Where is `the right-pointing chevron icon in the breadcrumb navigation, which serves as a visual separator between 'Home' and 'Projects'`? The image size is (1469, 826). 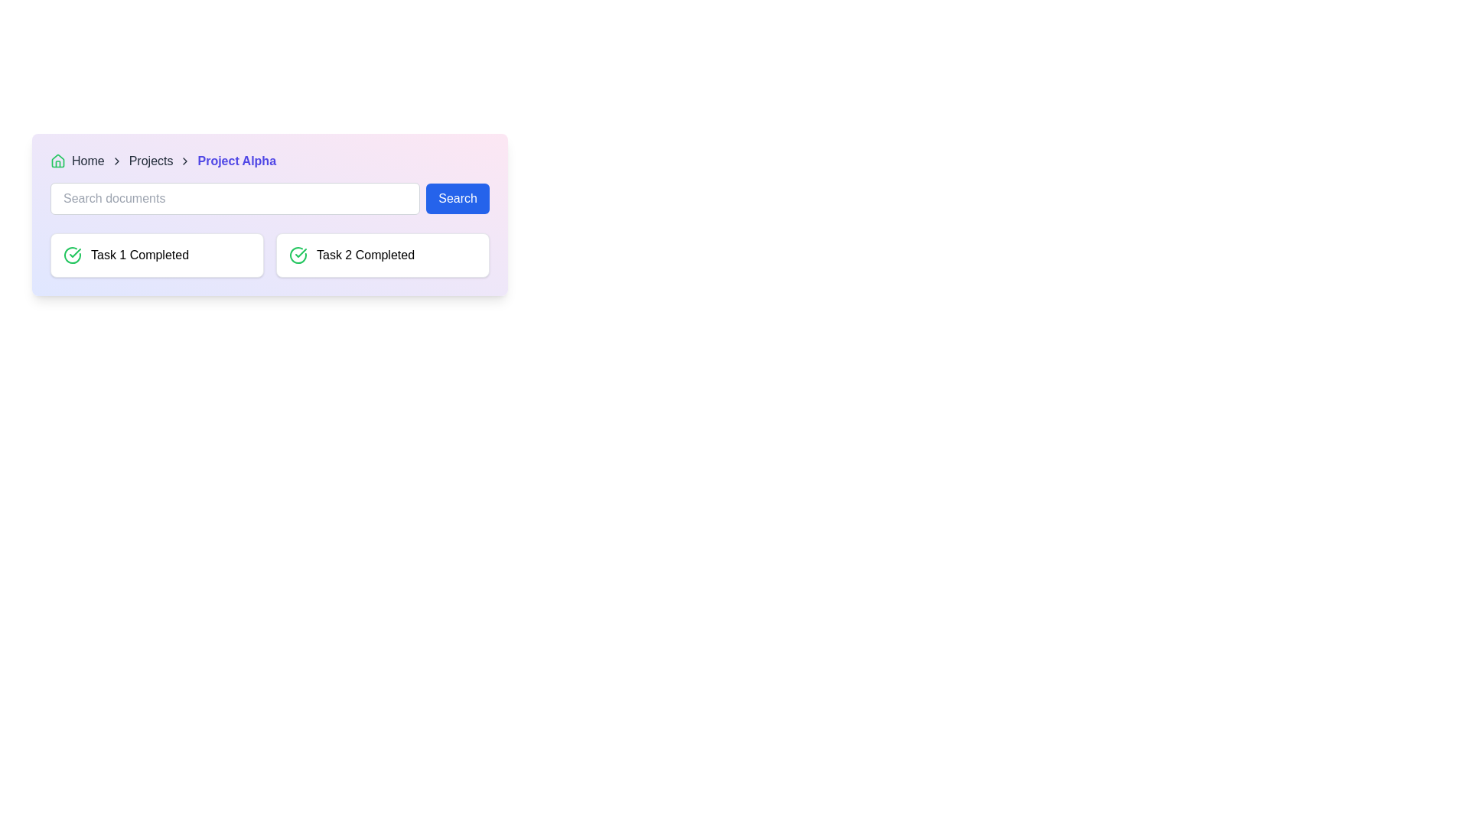 the right-pointing chevron icon in the breadcrumb navigation, which serves as a visual separator between 'Home' and 'Projects' is located at coordinates (116, 161).